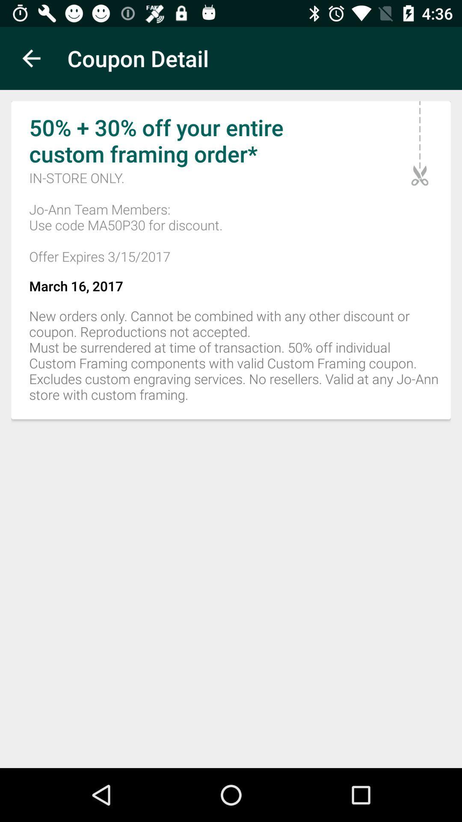 The height and width of the screenshot is (822, 462). I want to click on item below march 16, 2017 item, so click(231, 360).